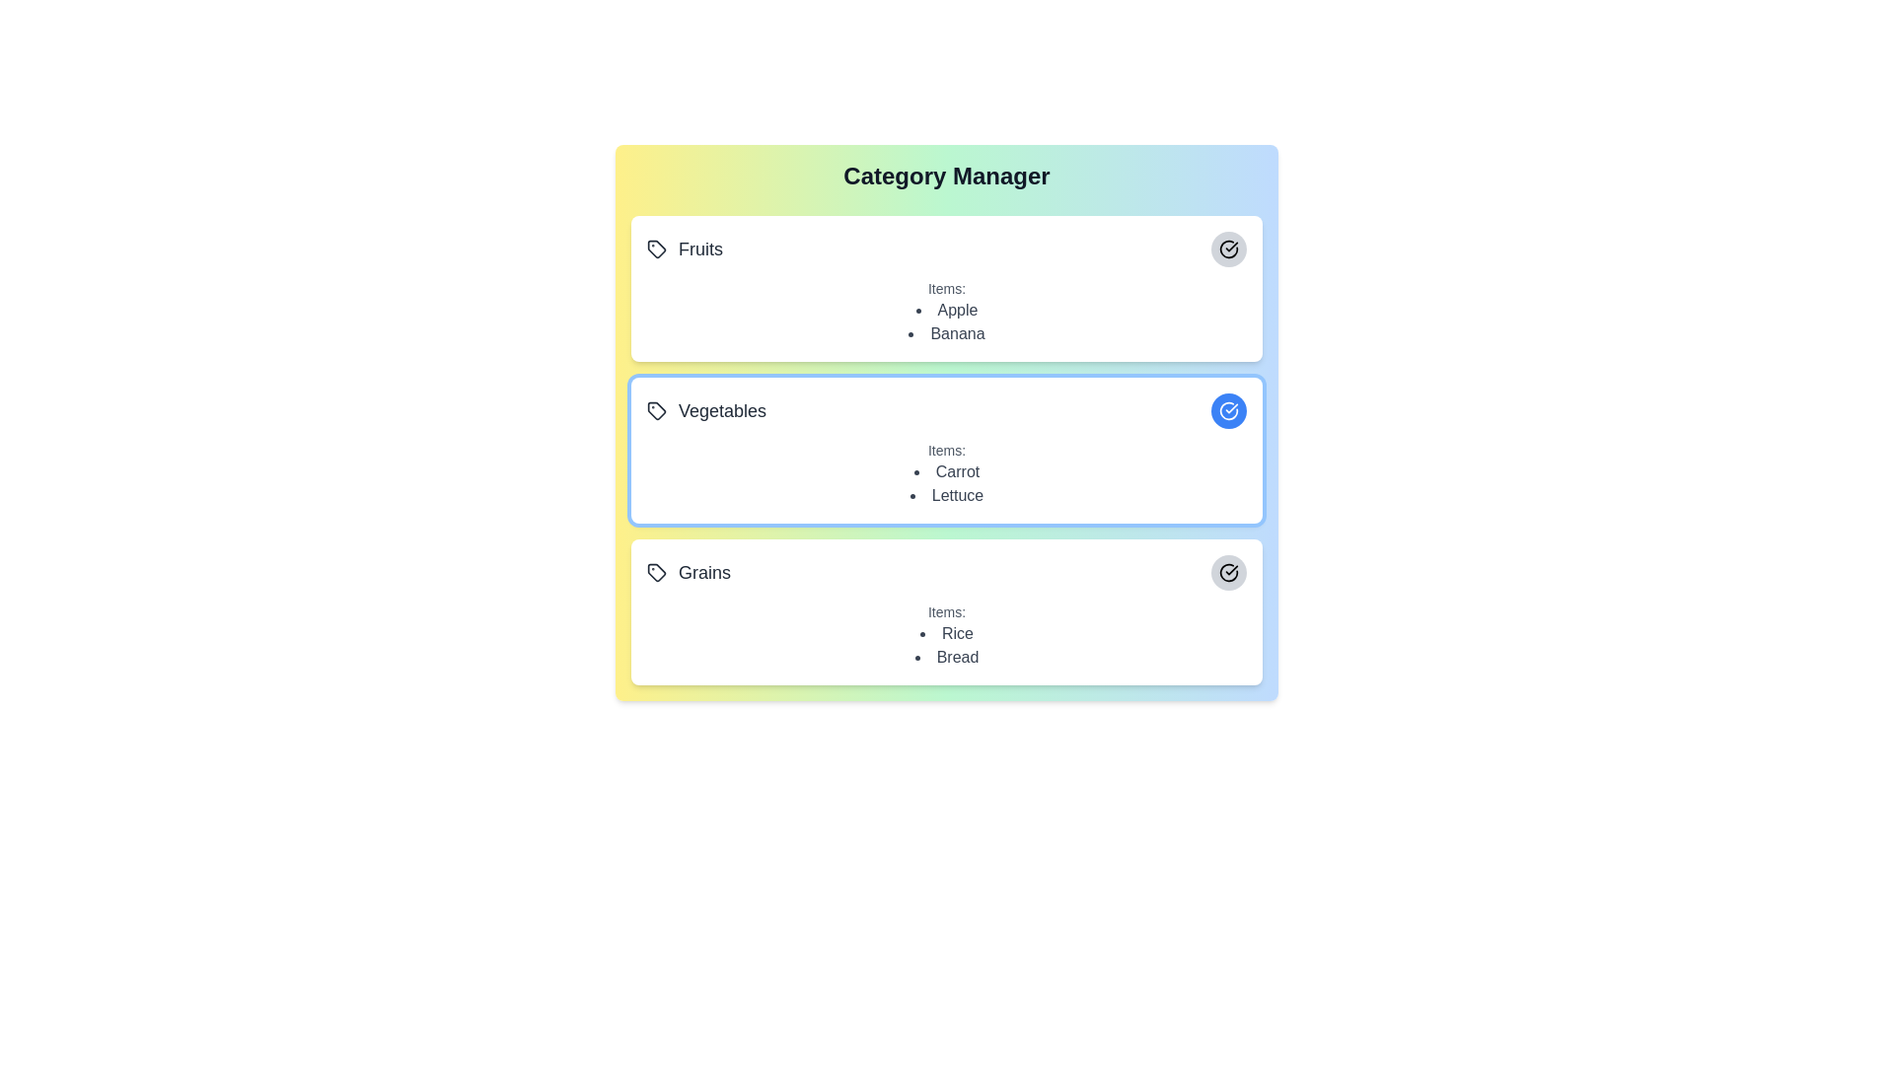 The image size is (1894, 1065). What do you see at coordinates (1228, 248) in the screenshot?
I see `the category Fruits by clicking its associated button` at bounding box center [1228, 248].